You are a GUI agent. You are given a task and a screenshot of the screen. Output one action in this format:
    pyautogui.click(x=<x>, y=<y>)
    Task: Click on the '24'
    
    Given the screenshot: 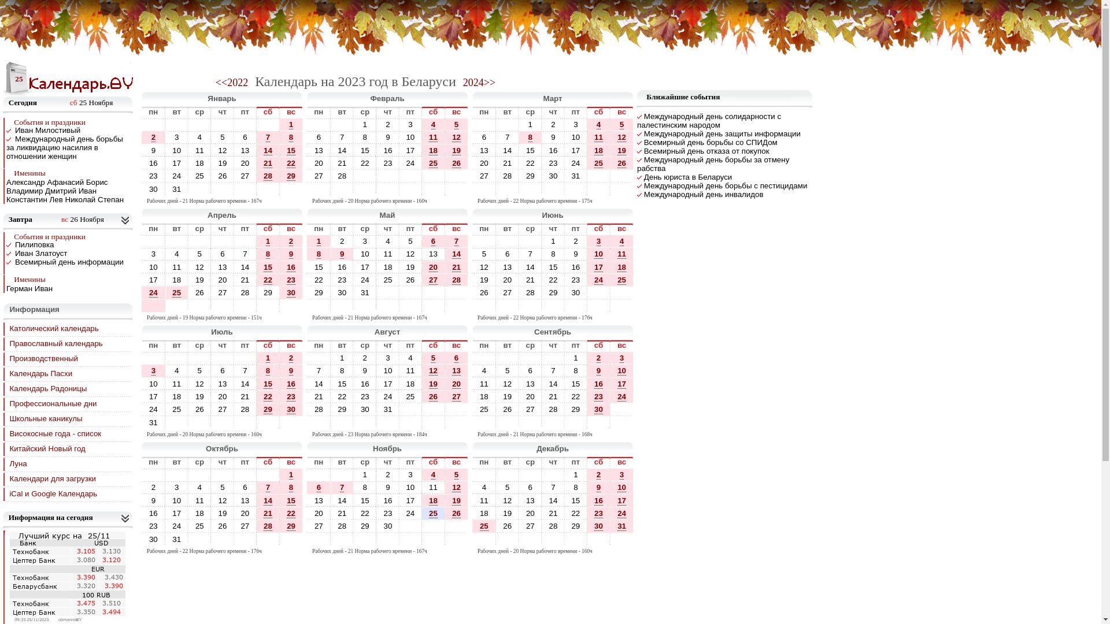 What is the action you would take?
    pyautogui.click(x=364, y=280)
    